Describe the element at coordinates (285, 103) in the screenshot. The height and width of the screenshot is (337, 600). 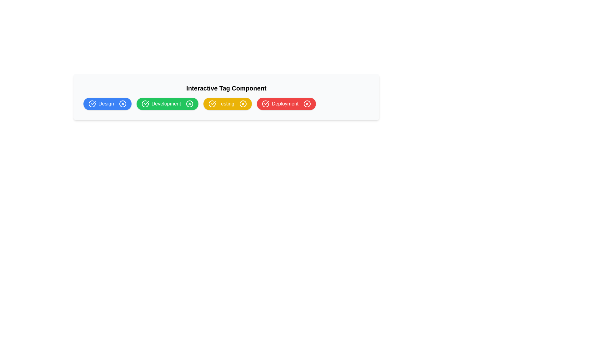
I see `text label that identifies the 'Deployment' stage in the workflow, located within a red rounded rectangle and aligned with a checkmark icon` at that location.